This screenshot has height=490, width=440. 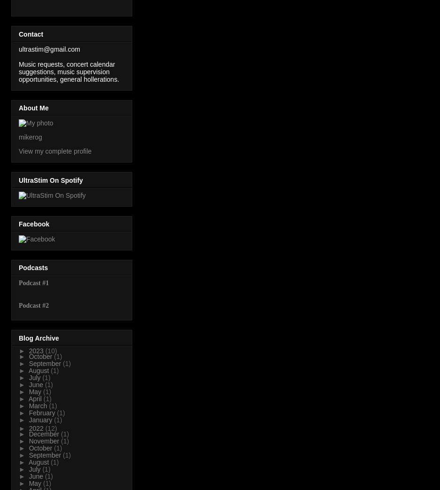 What do you see at coordinates (41, 420) in the screenshot?
I see `'January'` at bounding box center [41, 420].